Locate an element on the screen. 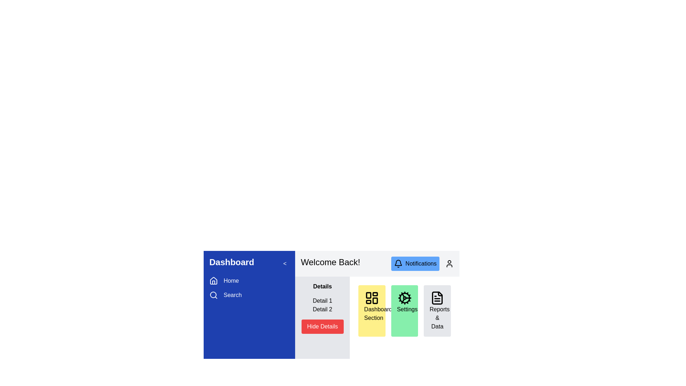  the bell-shaped notification icon with a blue background located at the top-right section of the interface is located at coordinates (398, 263).